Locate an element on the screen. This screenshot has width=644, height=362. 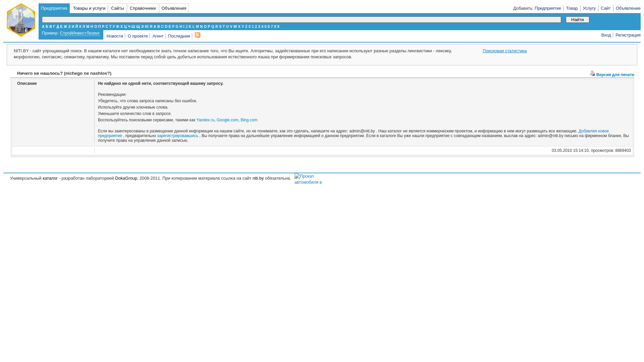
'U' is located at coordinates (227, 26).